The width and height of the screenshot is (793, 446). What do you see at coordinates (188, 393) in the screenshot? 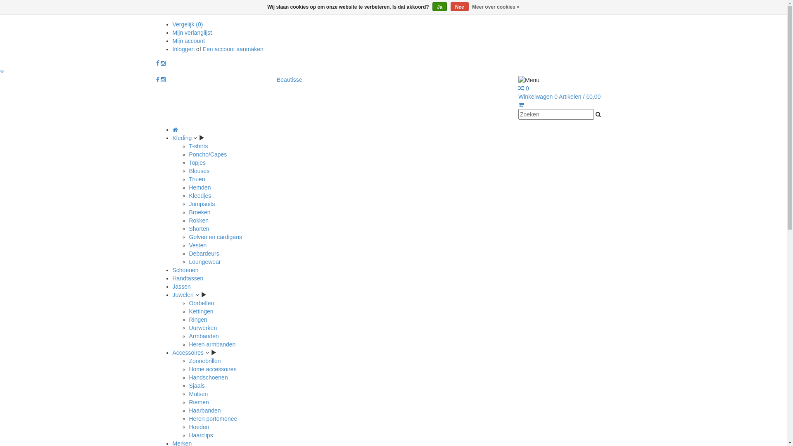
I see `'Mutsen'` at bounding box center [188, 393].